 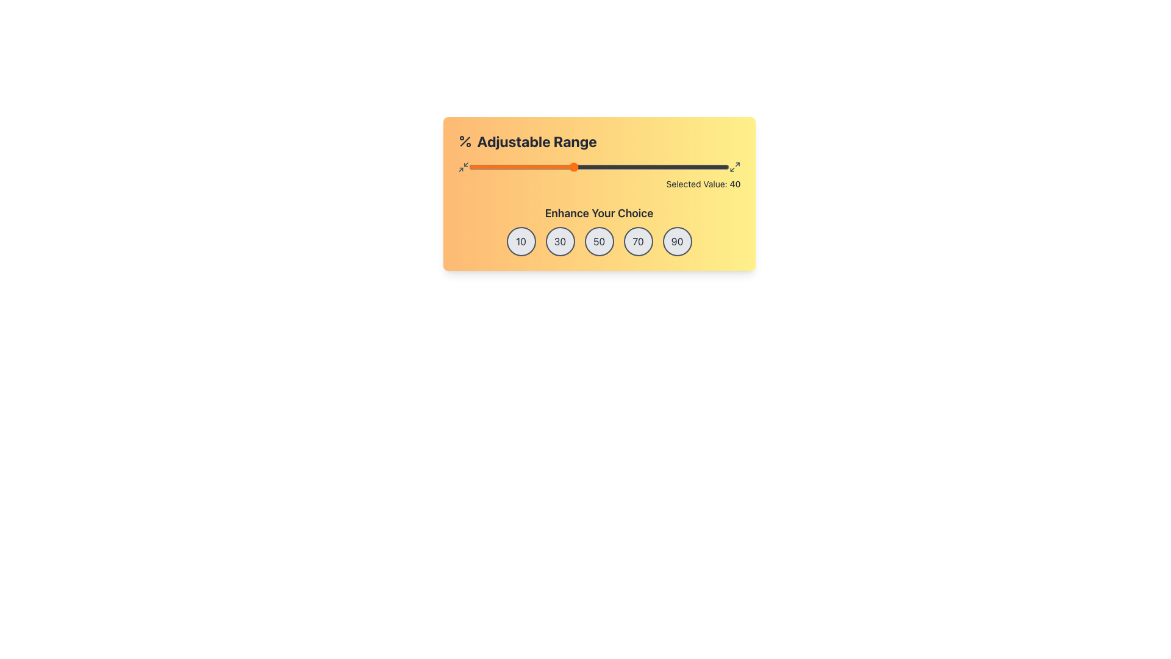 What do you see at coordinates (529, 167) in the screenshot?
I see `the slider value` at bounding box center [529, 167].